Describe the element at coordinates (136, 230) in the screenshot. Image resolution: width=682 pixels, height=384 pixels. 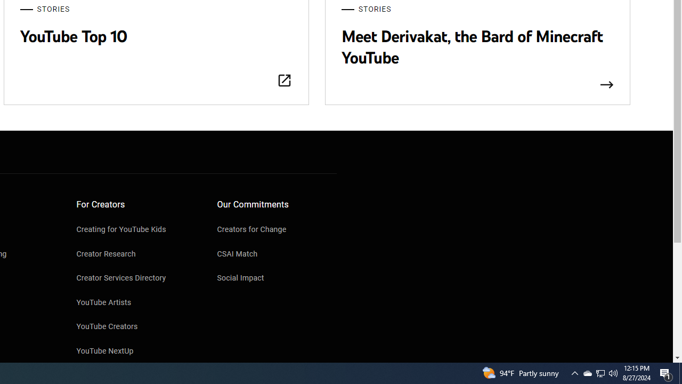
I see `'Creating for YouTube Kids'` at that location.